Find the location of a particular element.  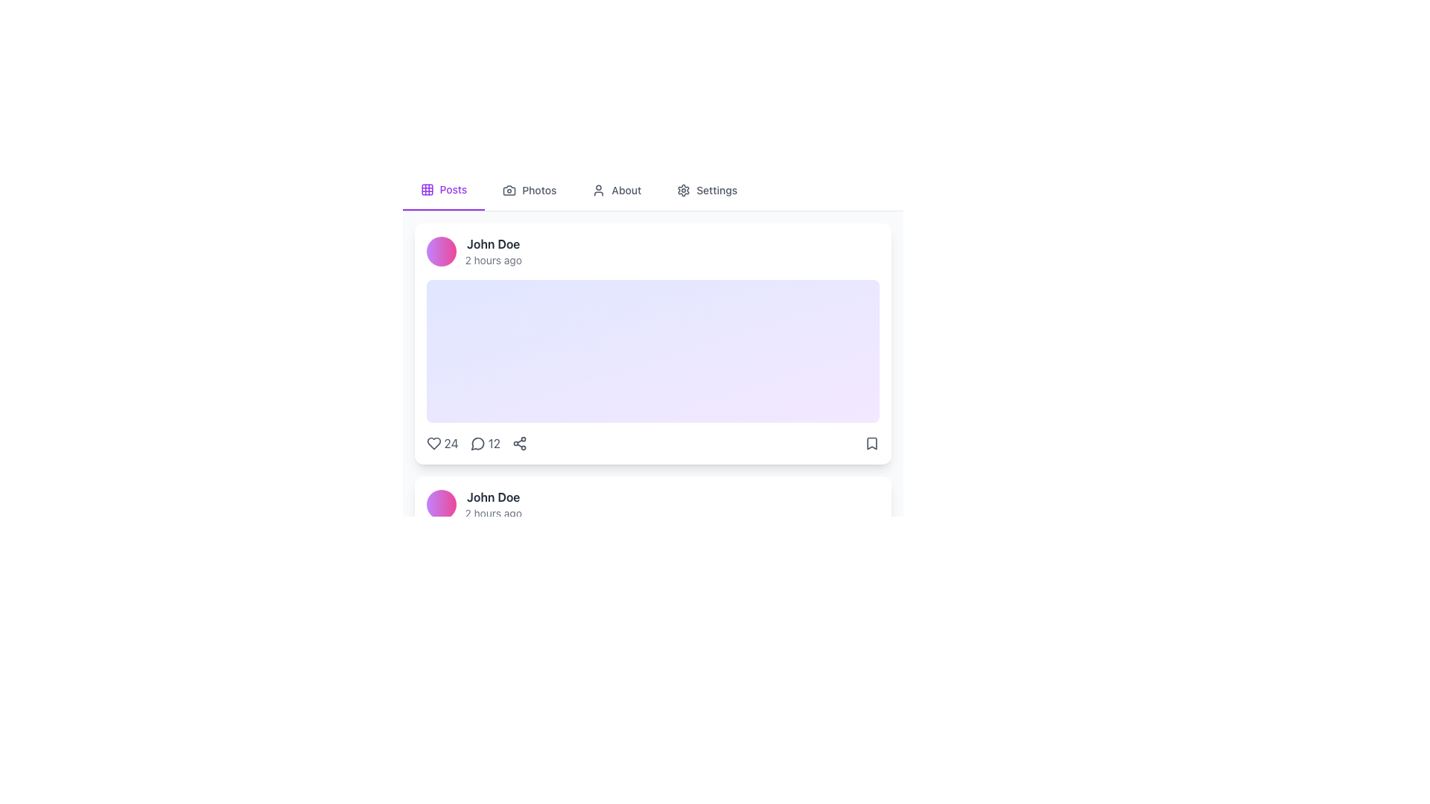

the comment icon, represented by a speech bubble shape with the number '12' next to it is located at coordinates (477, 443).